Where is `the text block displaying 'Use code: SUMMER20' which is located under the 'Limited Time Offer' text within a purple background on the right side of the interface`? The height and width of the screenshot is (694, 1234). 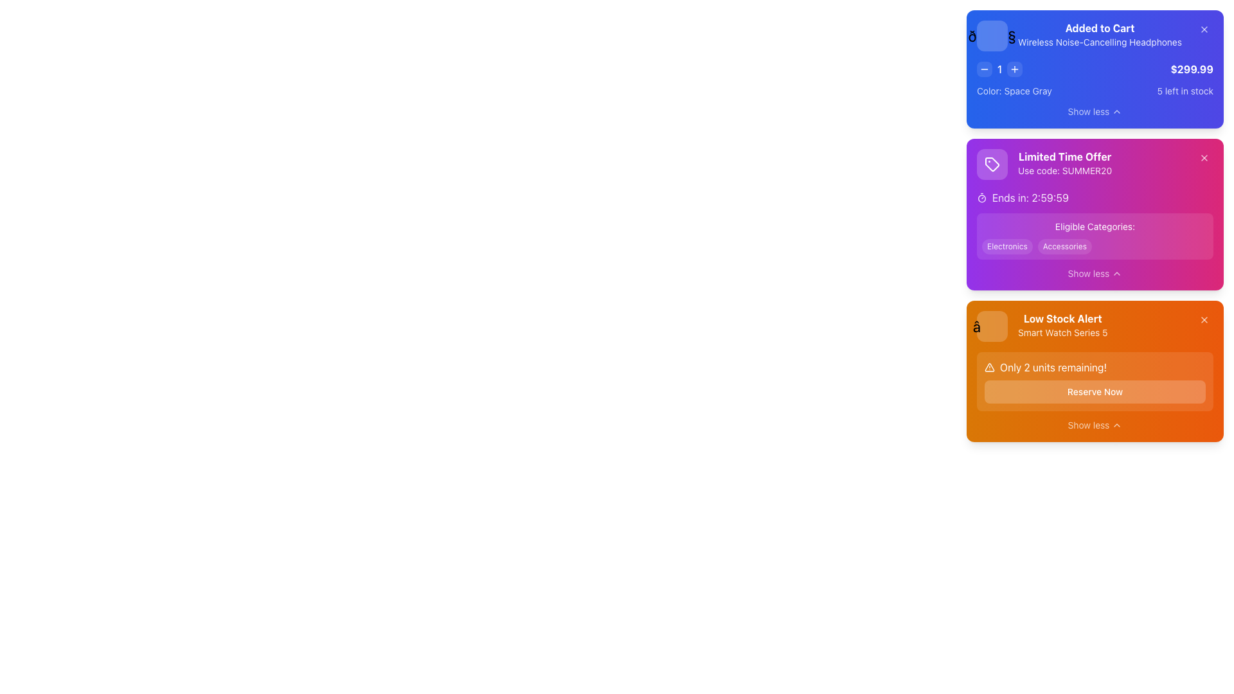 the text block displaying 'Use code: SUMMER20' which is located under the 'Limited Time Offer' text within a purple background on the right side of the interface is located at coordinates (1065, 170).